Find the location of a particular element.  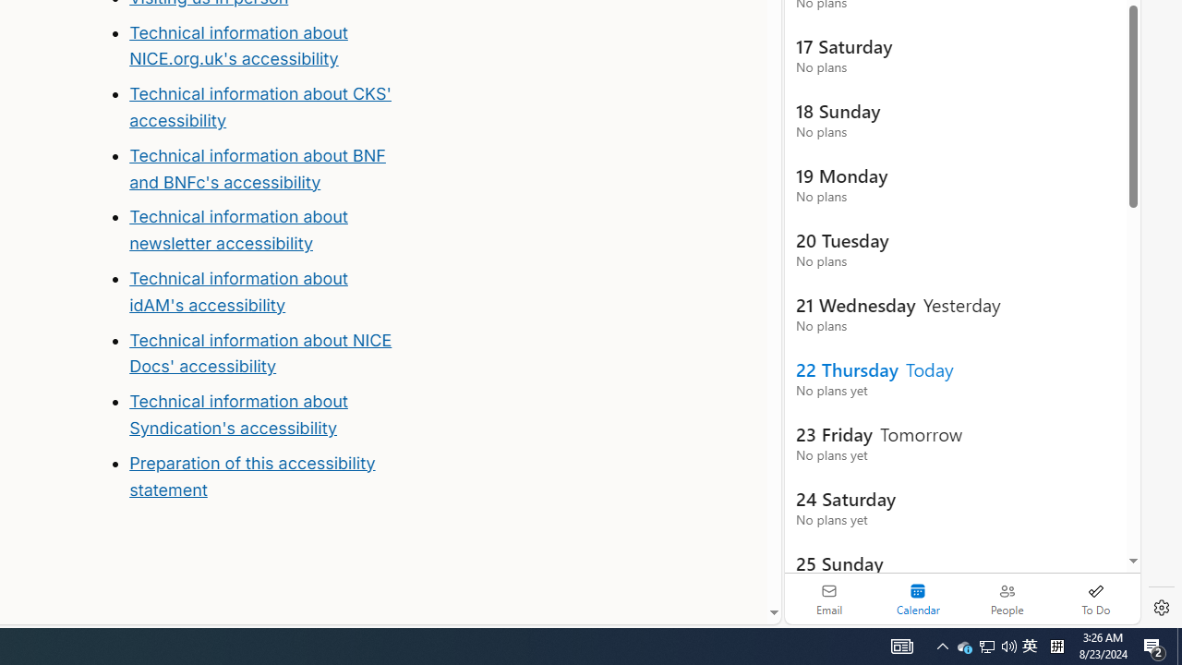

'Preparation of this accessibility statement' is located at coordinates (251, 475).